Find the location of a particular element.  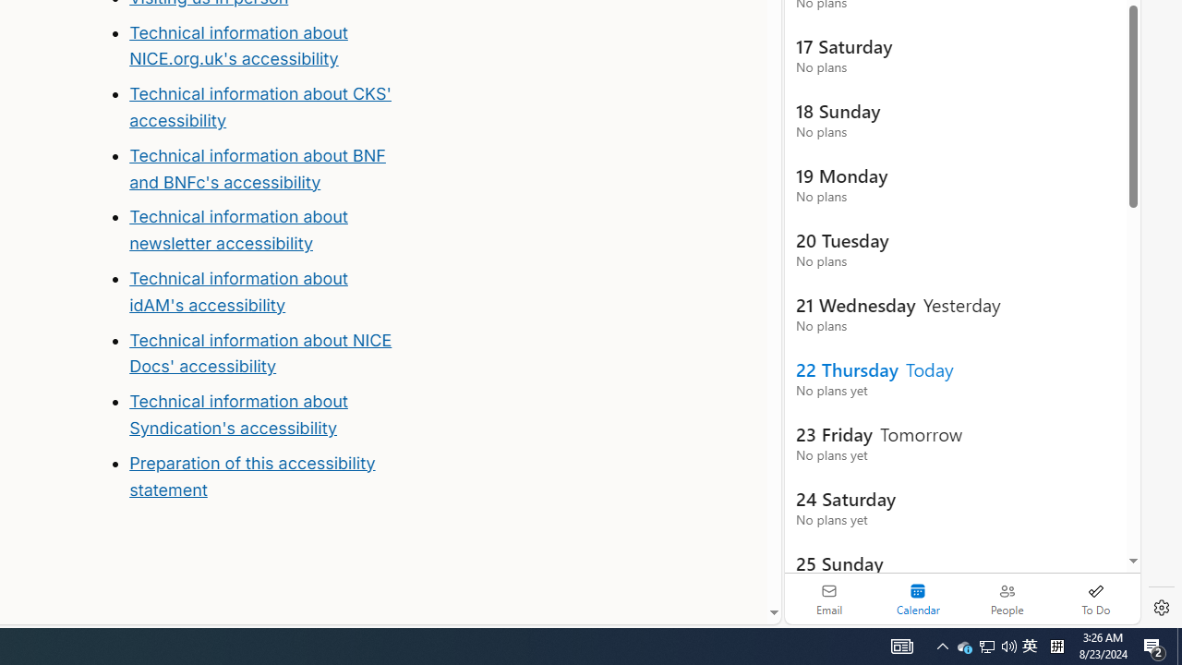

'Preparation of this accessibility statement' is located at coordinates (251, 475).